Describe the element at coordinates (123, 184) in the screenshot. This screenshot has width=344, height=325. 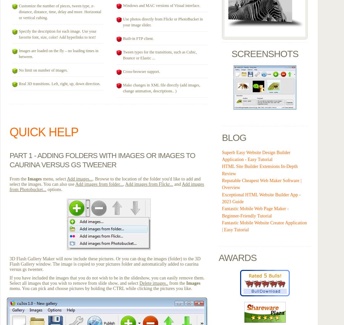
I see `','` at that location.